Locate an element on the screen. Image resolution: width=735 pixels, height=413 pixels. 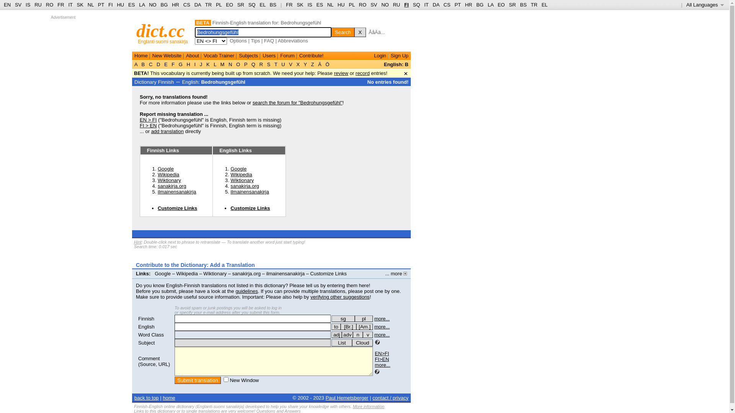
'HU' is located at coordinates (116, 5).